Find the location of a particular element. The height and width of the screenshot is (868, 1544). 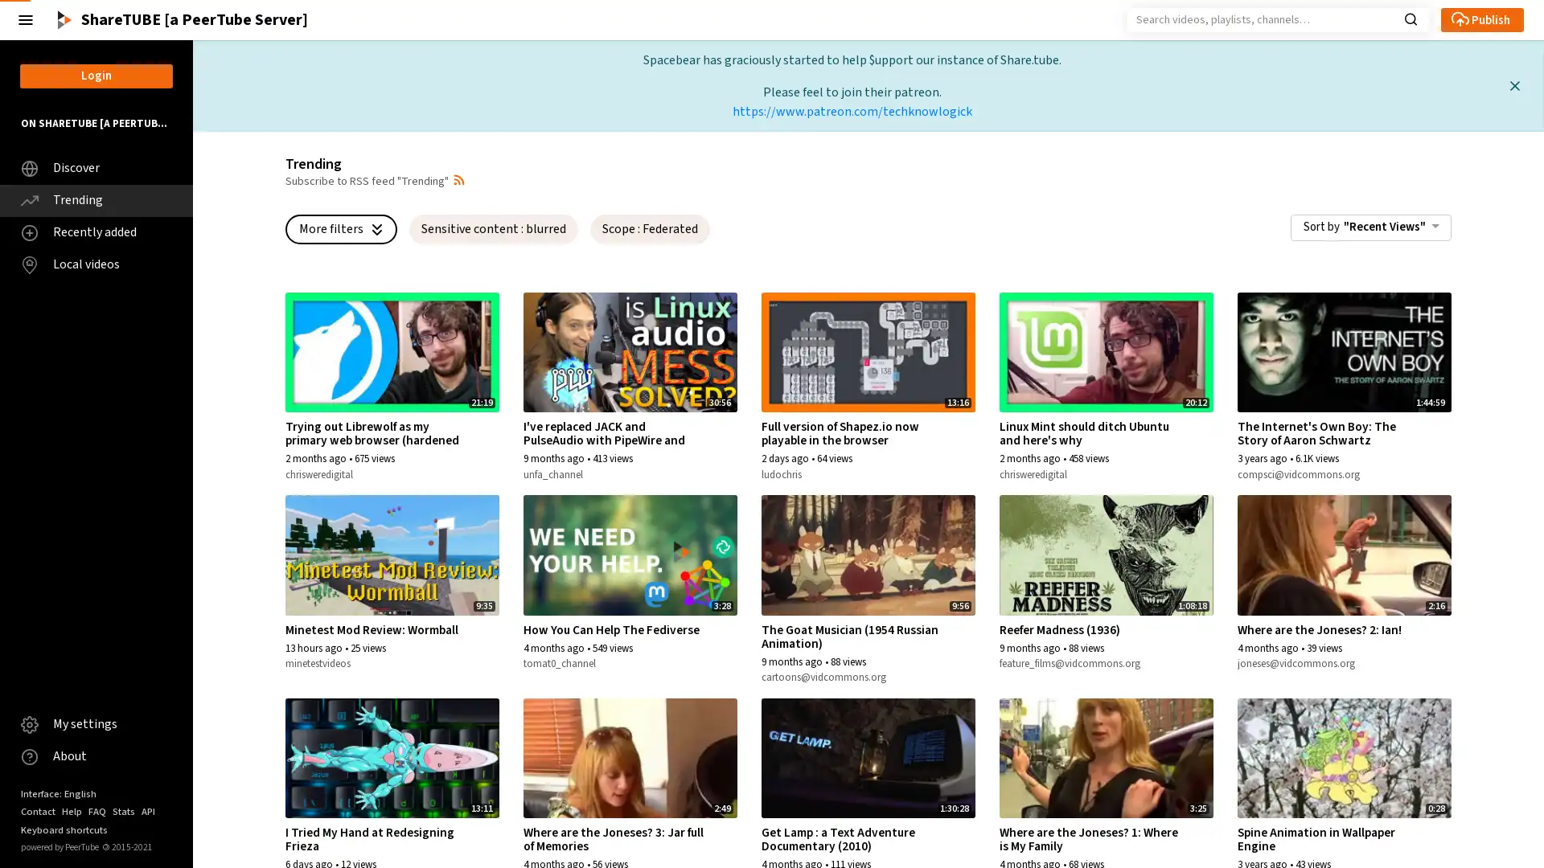

Open syndication dropdown is located at coordinates (458, 179).